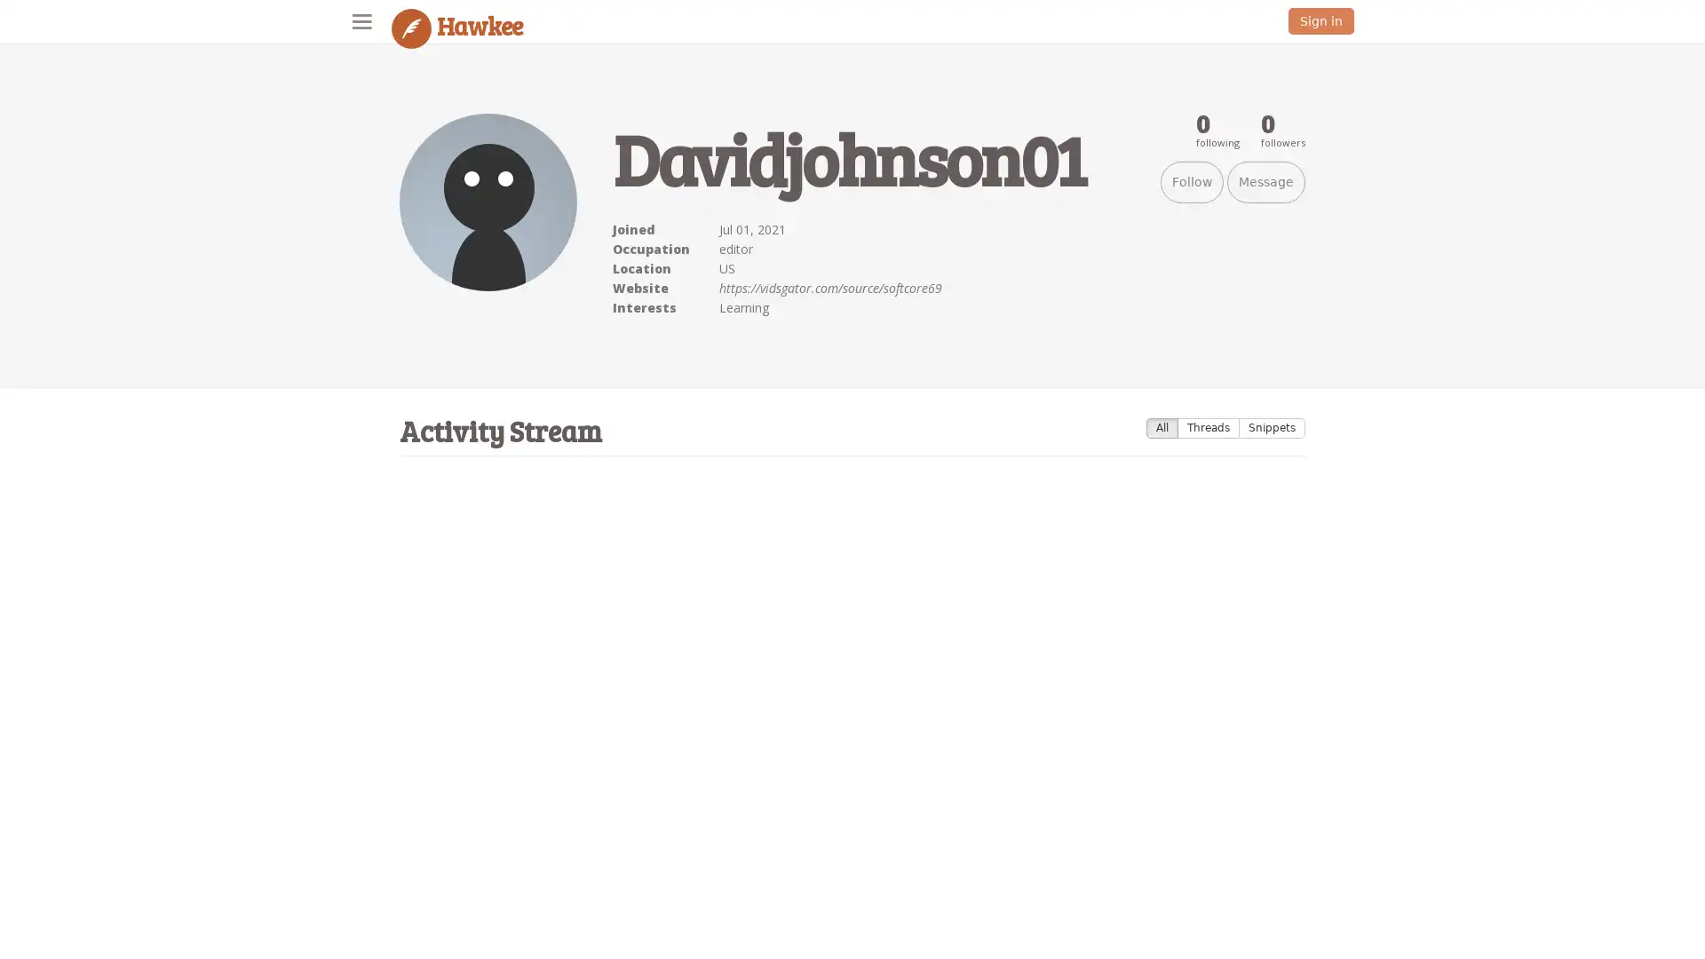 This screenshot has width=1705, height=959. What do you see at coordinates (1192, 182) in the screenshot?
I see `Follow` at bounding box center [1192, 182].